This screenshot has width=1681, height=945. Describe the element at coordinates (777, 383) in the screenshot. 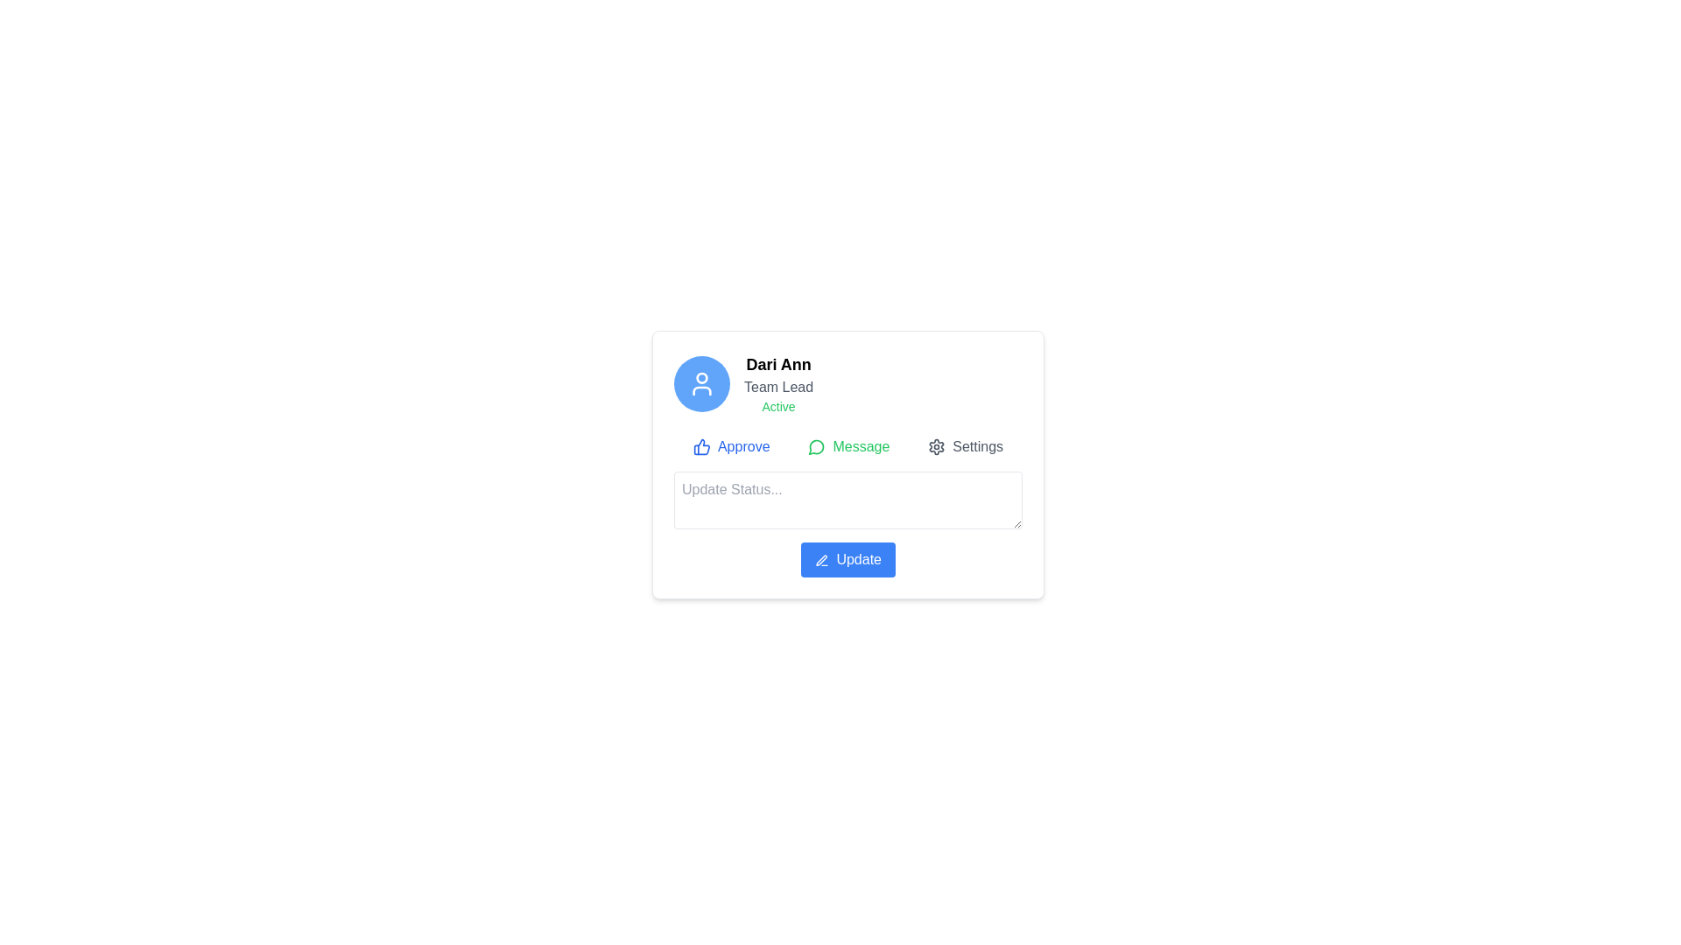

I see `text content displayed in the profile area showing the name, role, and status of the individual, which includes 'Dari Ann', 'Team Lead', 'Active'` at that location.